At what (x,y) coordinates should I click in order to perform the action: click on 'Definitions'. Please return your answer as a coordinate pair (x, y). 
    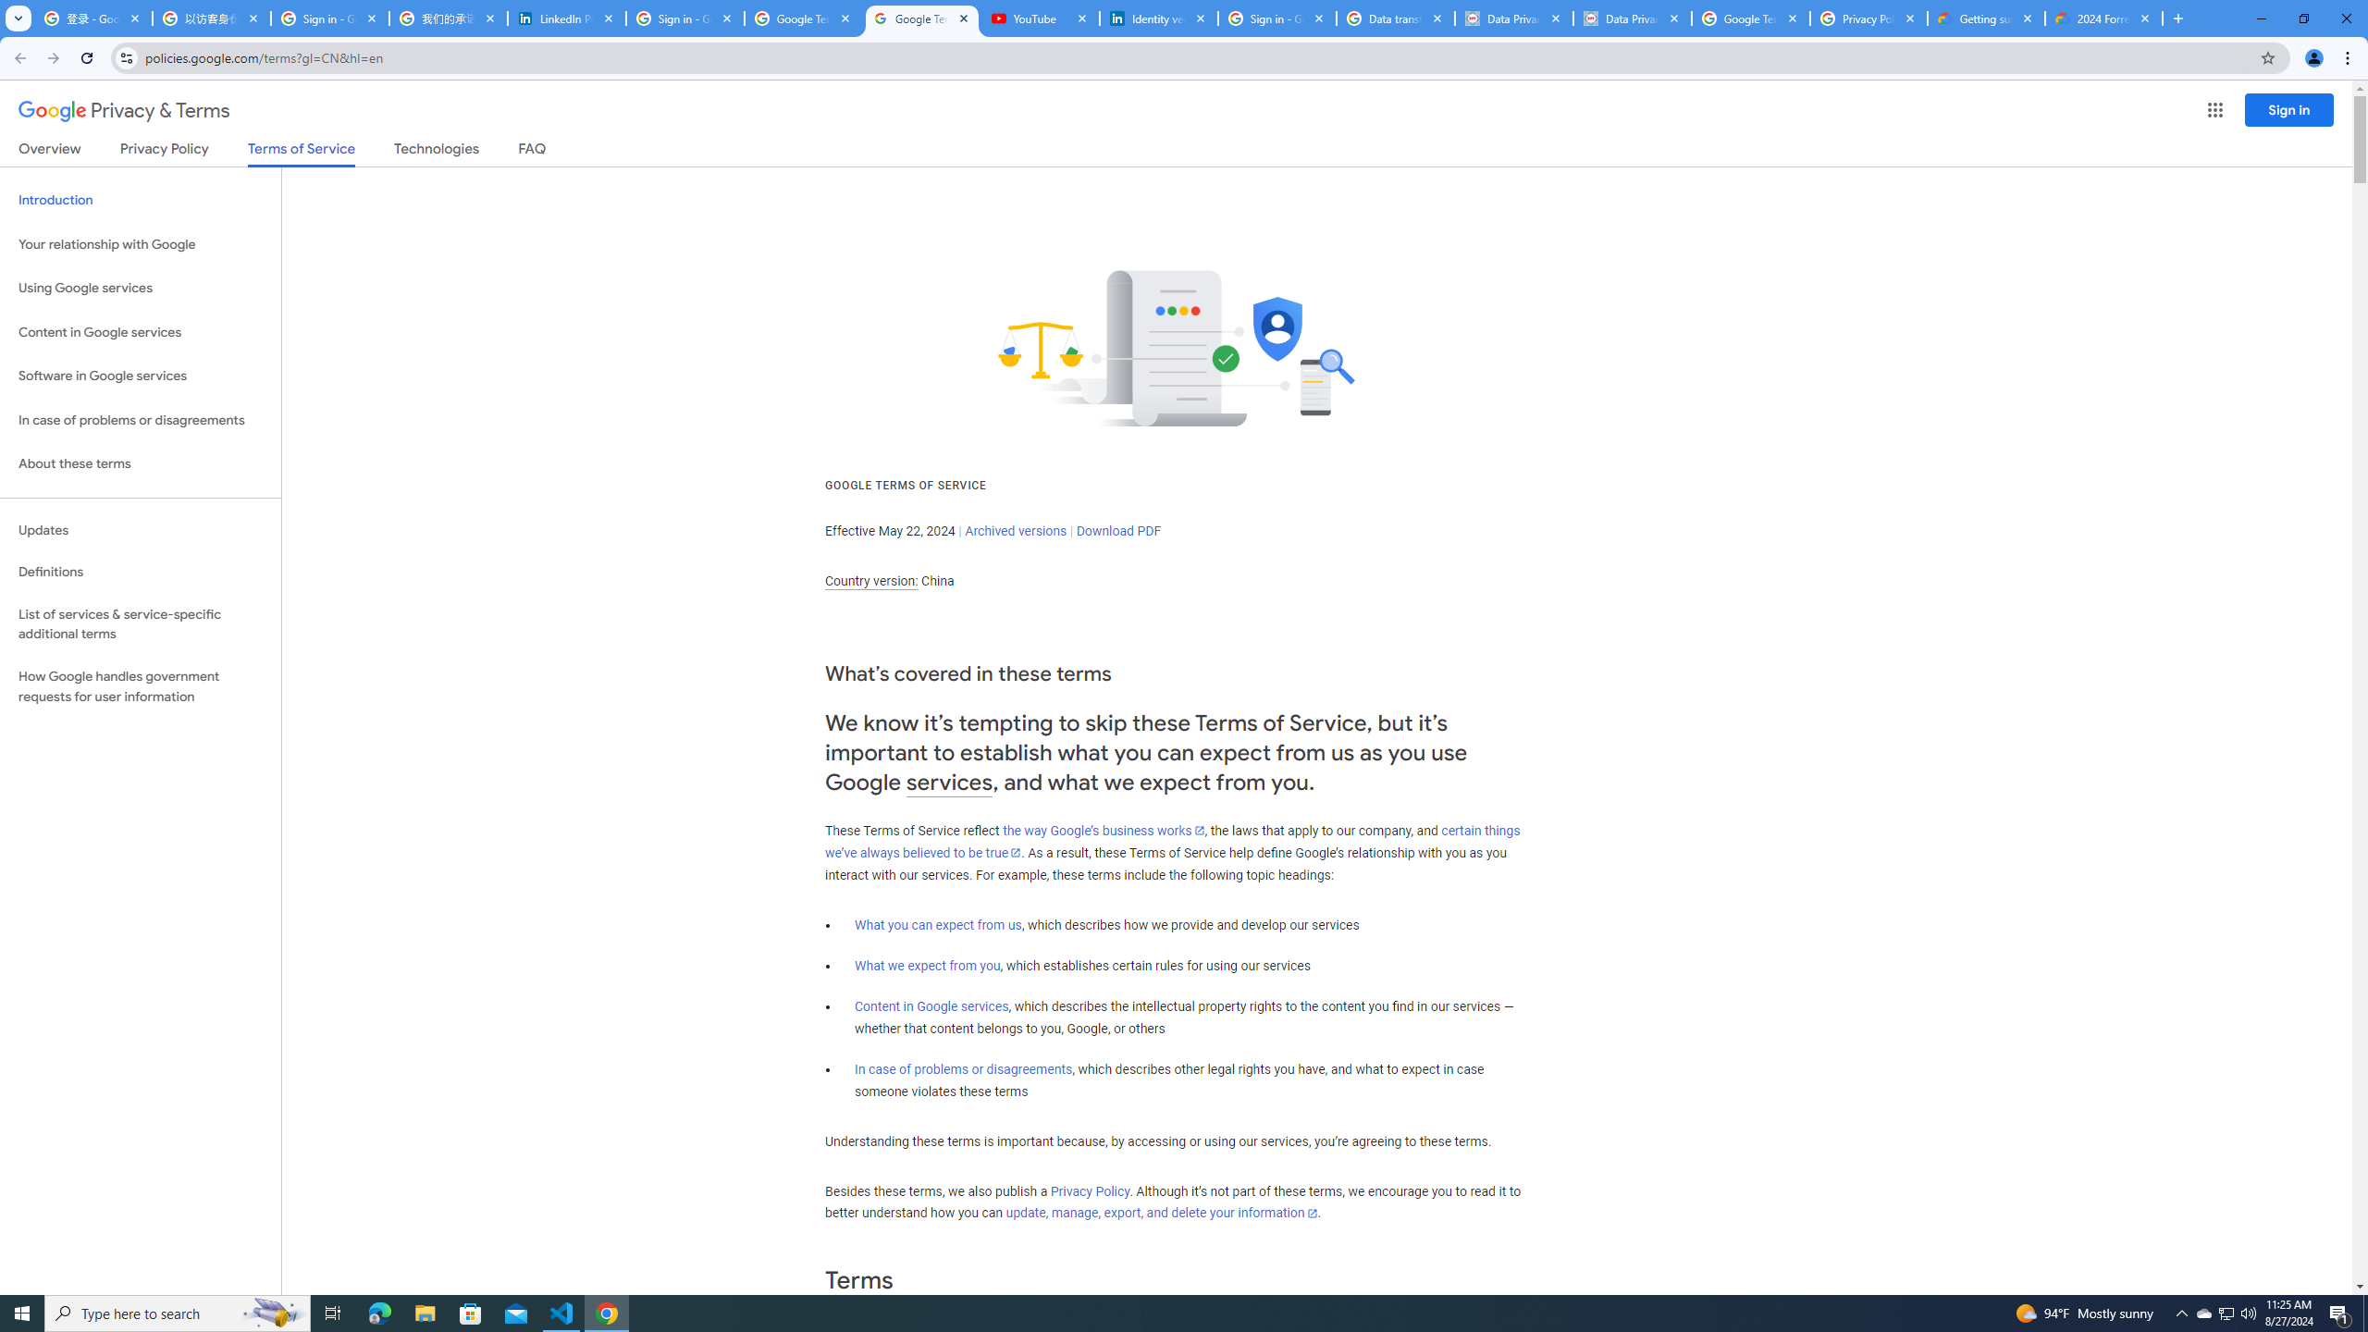
    Looking at the image, I should click on (140, 572).